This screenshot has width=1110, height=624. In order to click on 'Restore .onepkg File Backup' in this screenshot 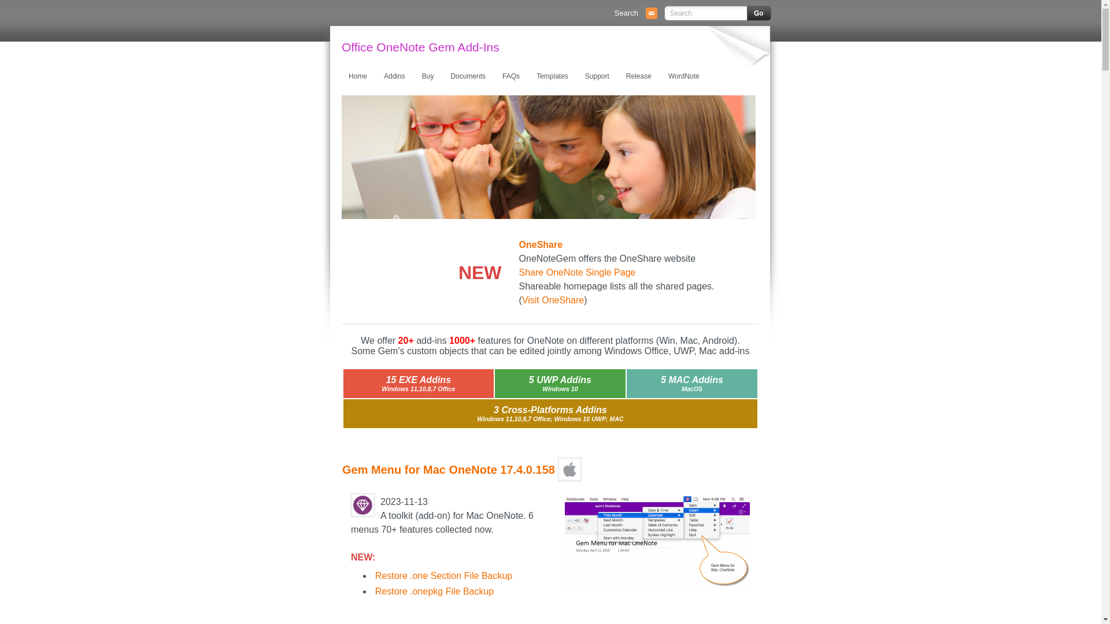, I will do `click(434, 591)`.